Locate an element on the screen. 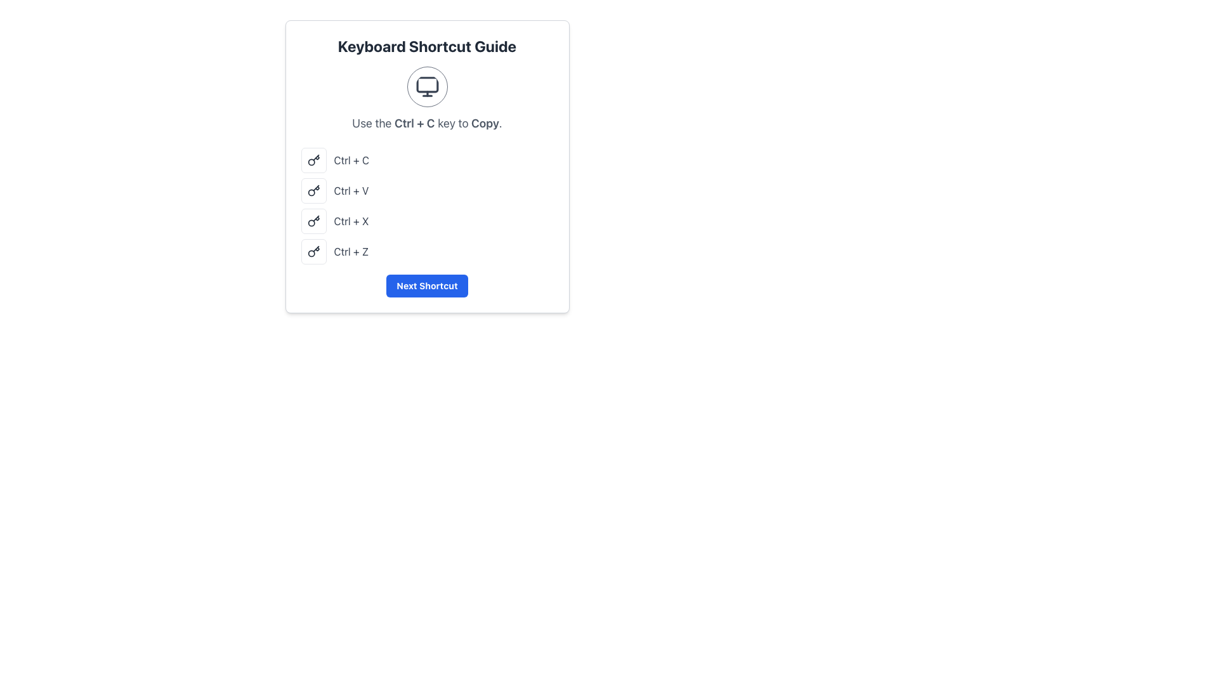  the square icon button with a key icon, located to the left of the text 'Ctrl + Z' is located at coordinates (313, 252).